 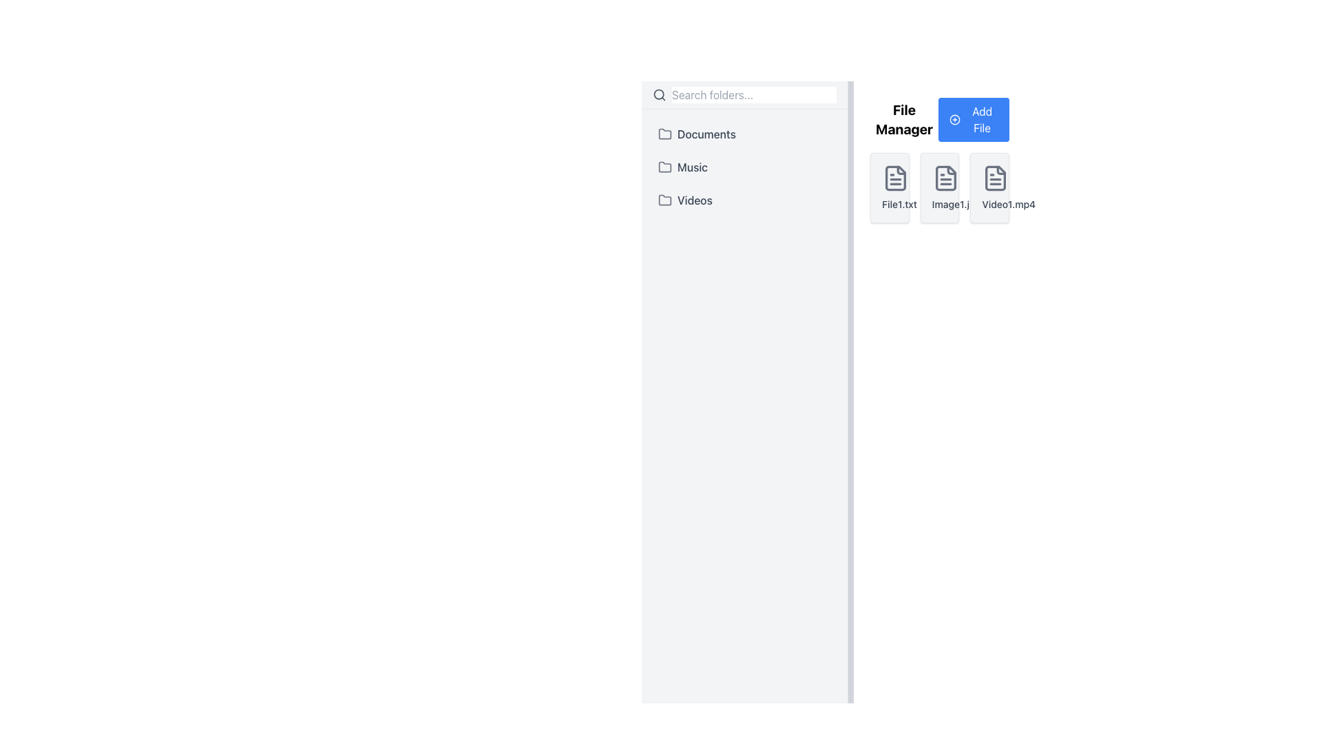 What do you see at coordinates (664, 167) in the screenshot?
I see `the gray folder icon with rounded corners located to the left of the 'Music' label in the navigation sidebar` at bounding box center [664, 167].